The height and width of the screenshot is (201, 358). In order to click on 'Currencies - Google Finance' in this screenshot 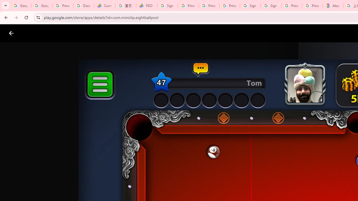, I will do `click(105, 6)`.